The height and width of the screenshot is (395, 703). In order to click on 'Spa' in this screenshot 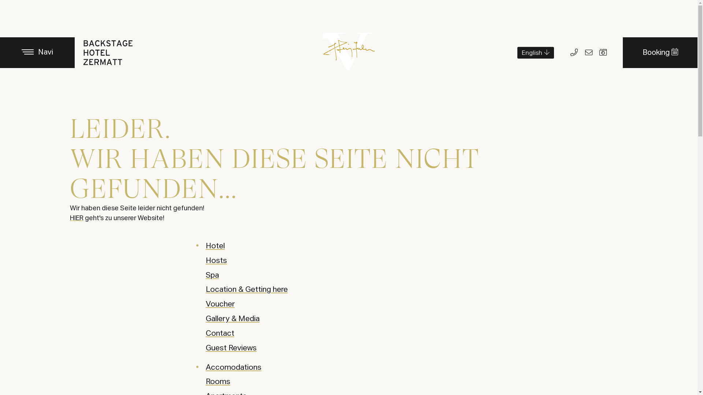, I will do `click(212, 275)`.